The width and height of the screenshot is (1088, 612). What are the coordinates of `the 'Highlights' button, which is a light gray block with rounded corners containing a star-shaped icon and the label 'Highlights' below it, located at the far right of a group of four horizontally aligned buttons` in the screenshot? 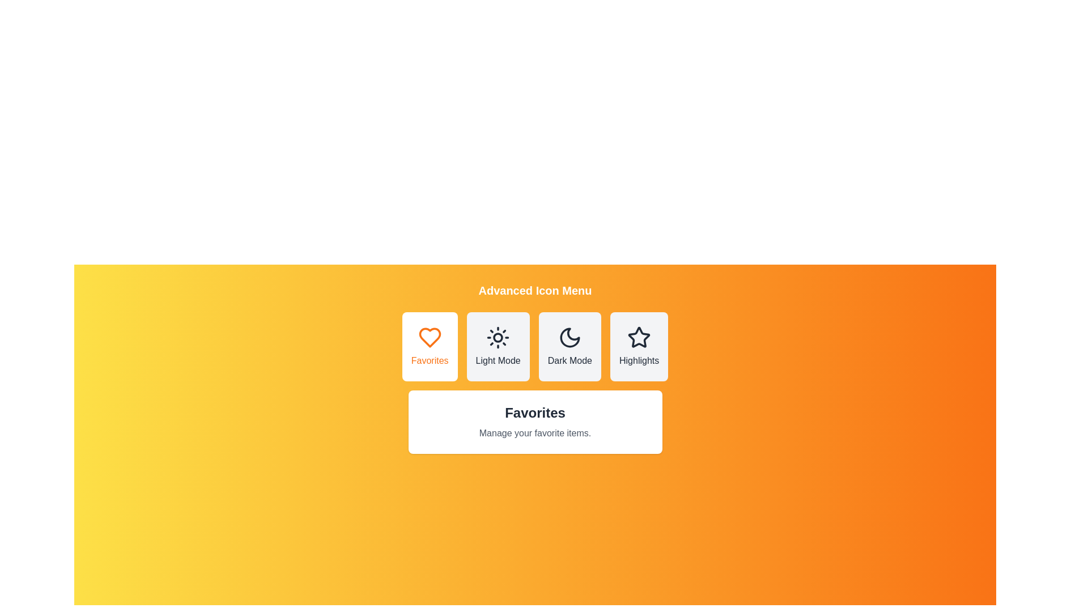 It's located at (639, 346).